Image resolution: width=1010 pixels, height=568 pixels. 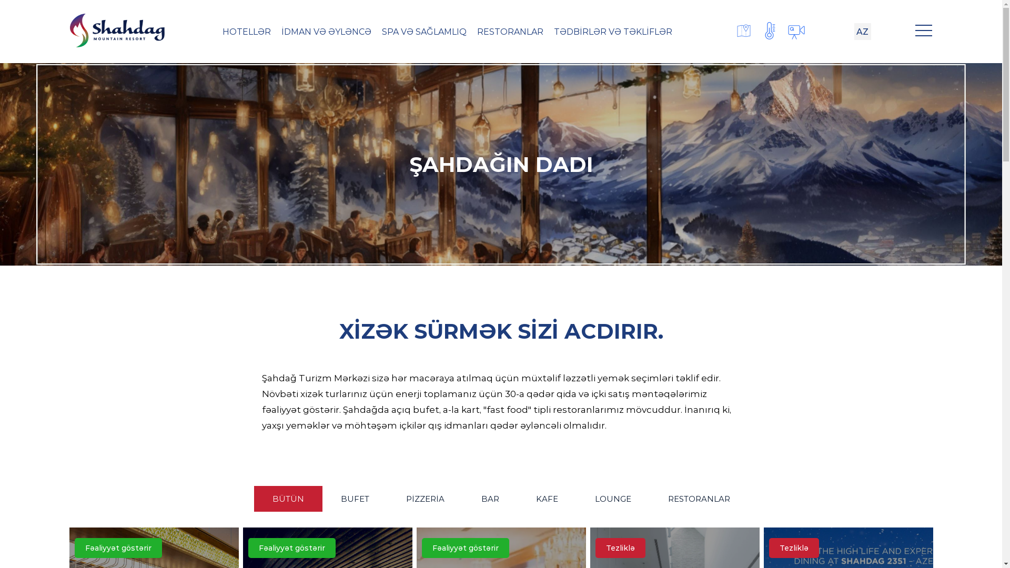 I want to click on 'BUFET', so click(x=354, y=498).